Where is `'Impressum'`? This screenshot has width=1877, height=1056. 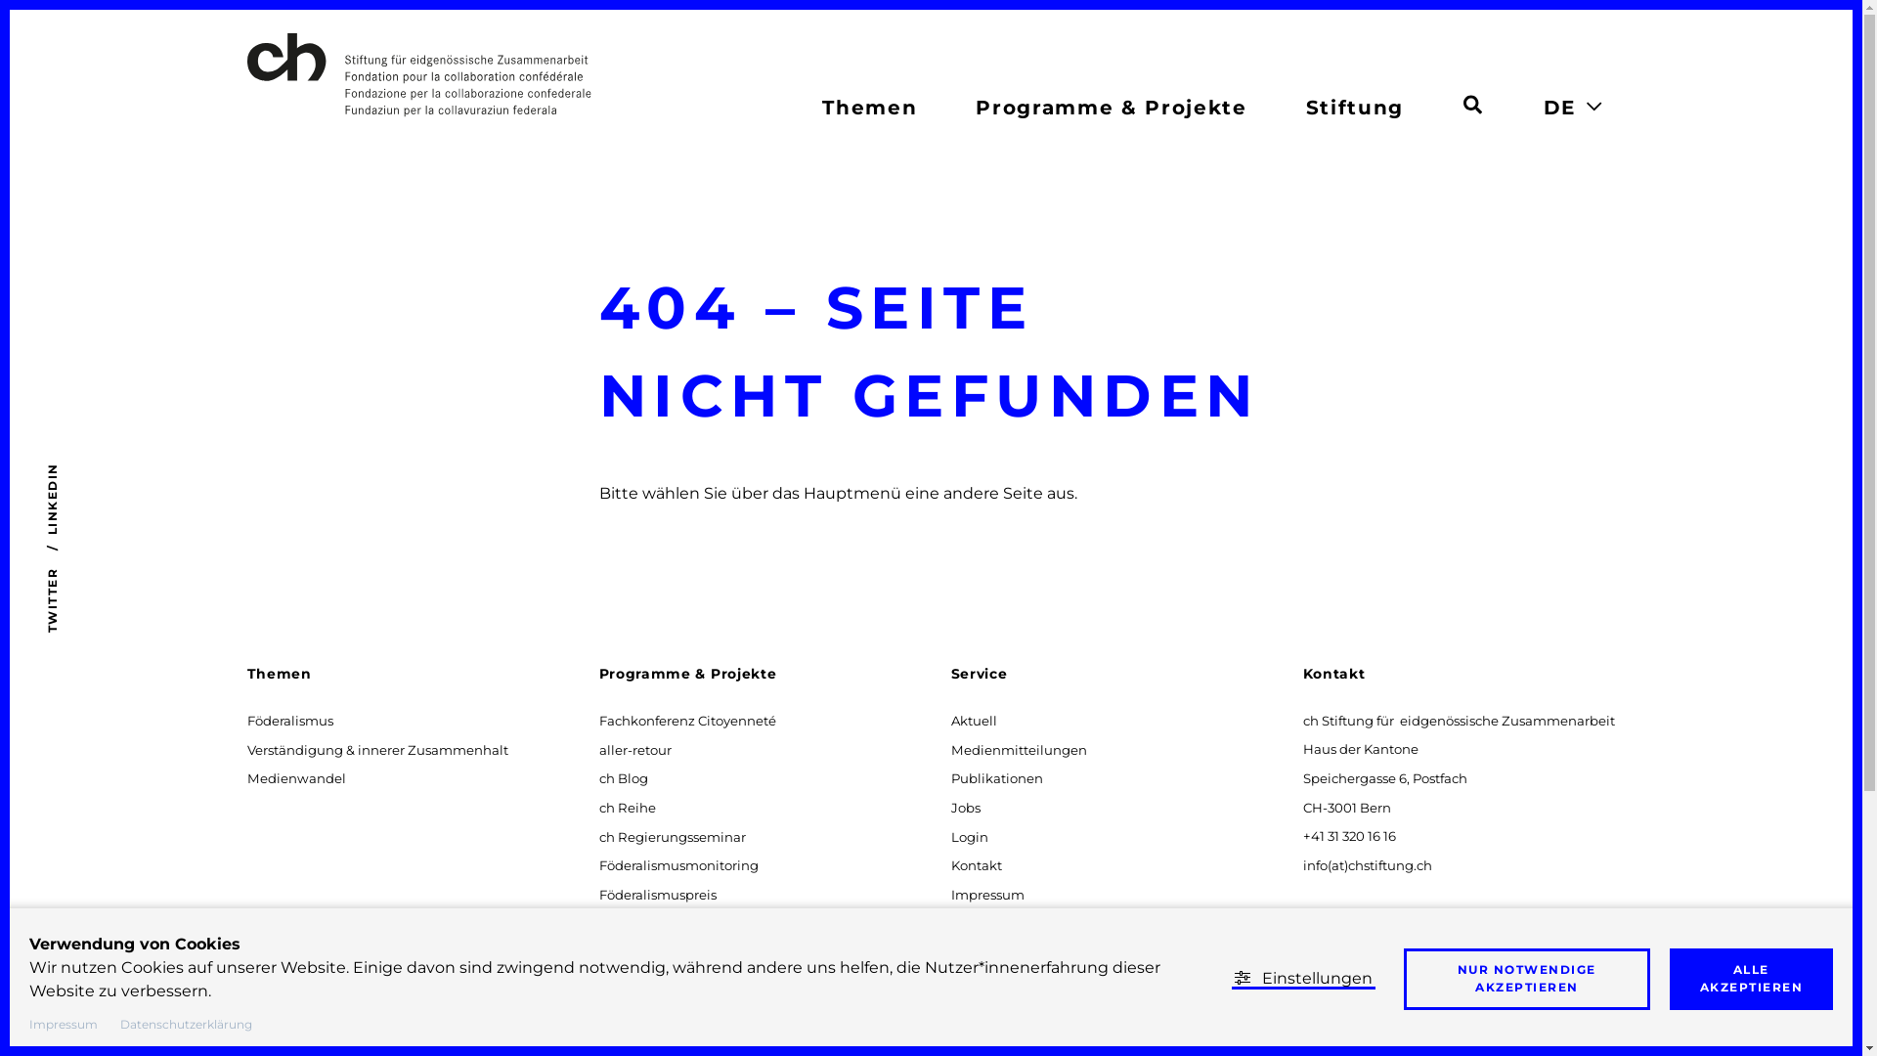
'Impressum' is located at coordinates (986, 894).